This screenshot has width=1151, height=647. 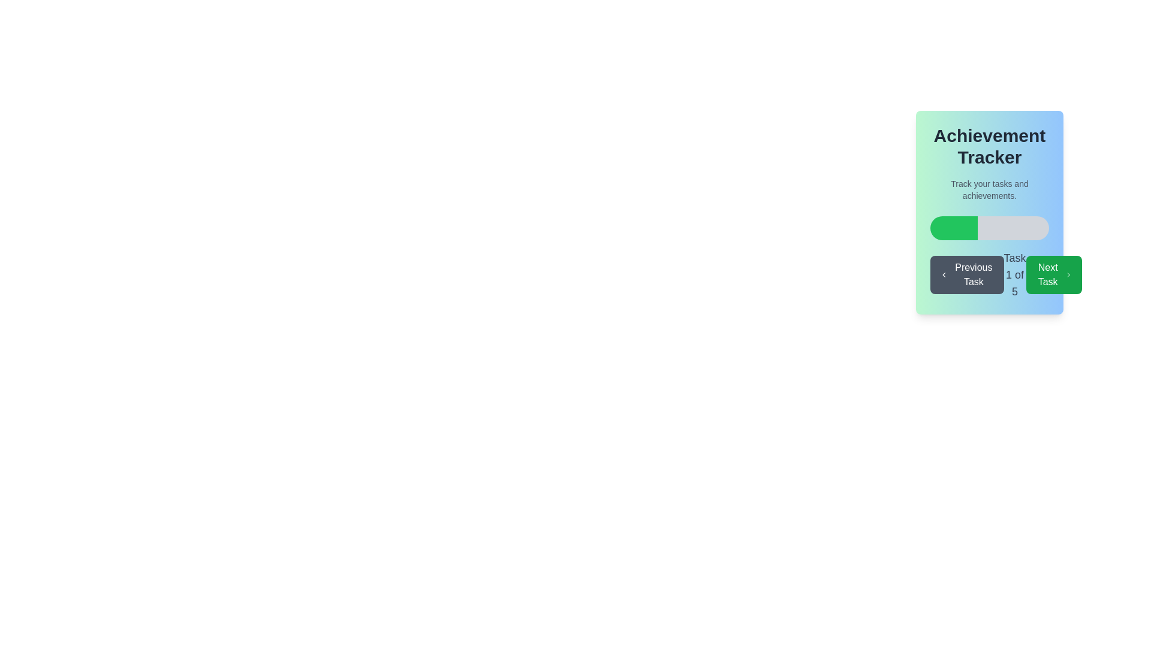 I want to click on text content of the Header Text element displaying 'Achievement Tracker', which is a bold, large font header centered at the top of the content, so click(x=990, y=146).